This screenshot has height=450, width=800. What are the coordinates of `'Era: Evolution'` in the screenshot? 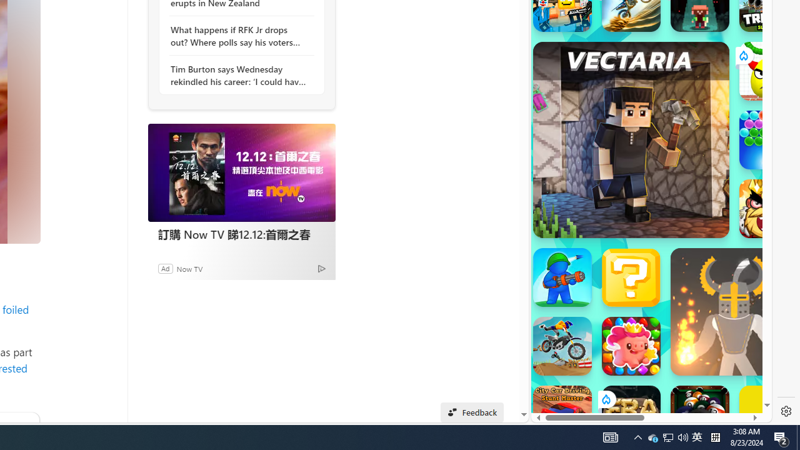 It's located at (631, 415).